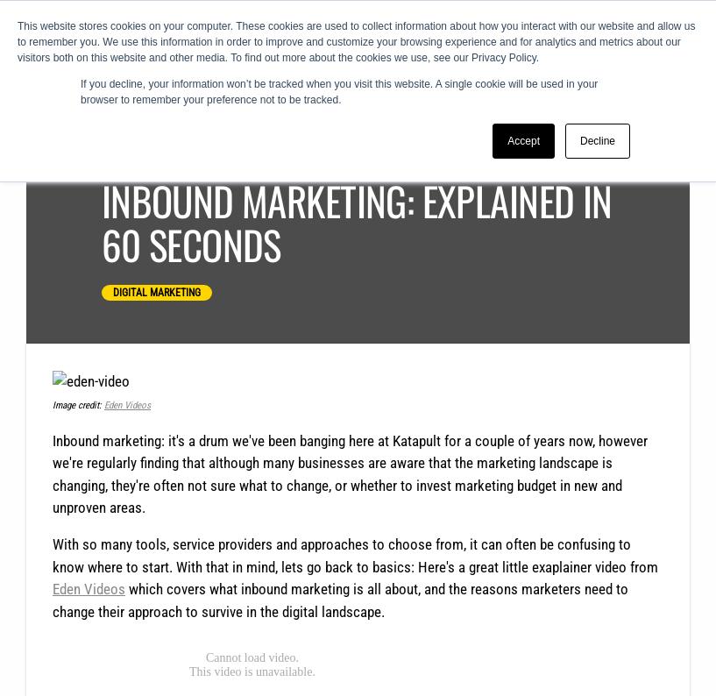 The image size is (716, 696). What do you see at coordinates (155, 291) in the screenshot?
I see `'Digital marketing'` at bounding box center [155, 291].